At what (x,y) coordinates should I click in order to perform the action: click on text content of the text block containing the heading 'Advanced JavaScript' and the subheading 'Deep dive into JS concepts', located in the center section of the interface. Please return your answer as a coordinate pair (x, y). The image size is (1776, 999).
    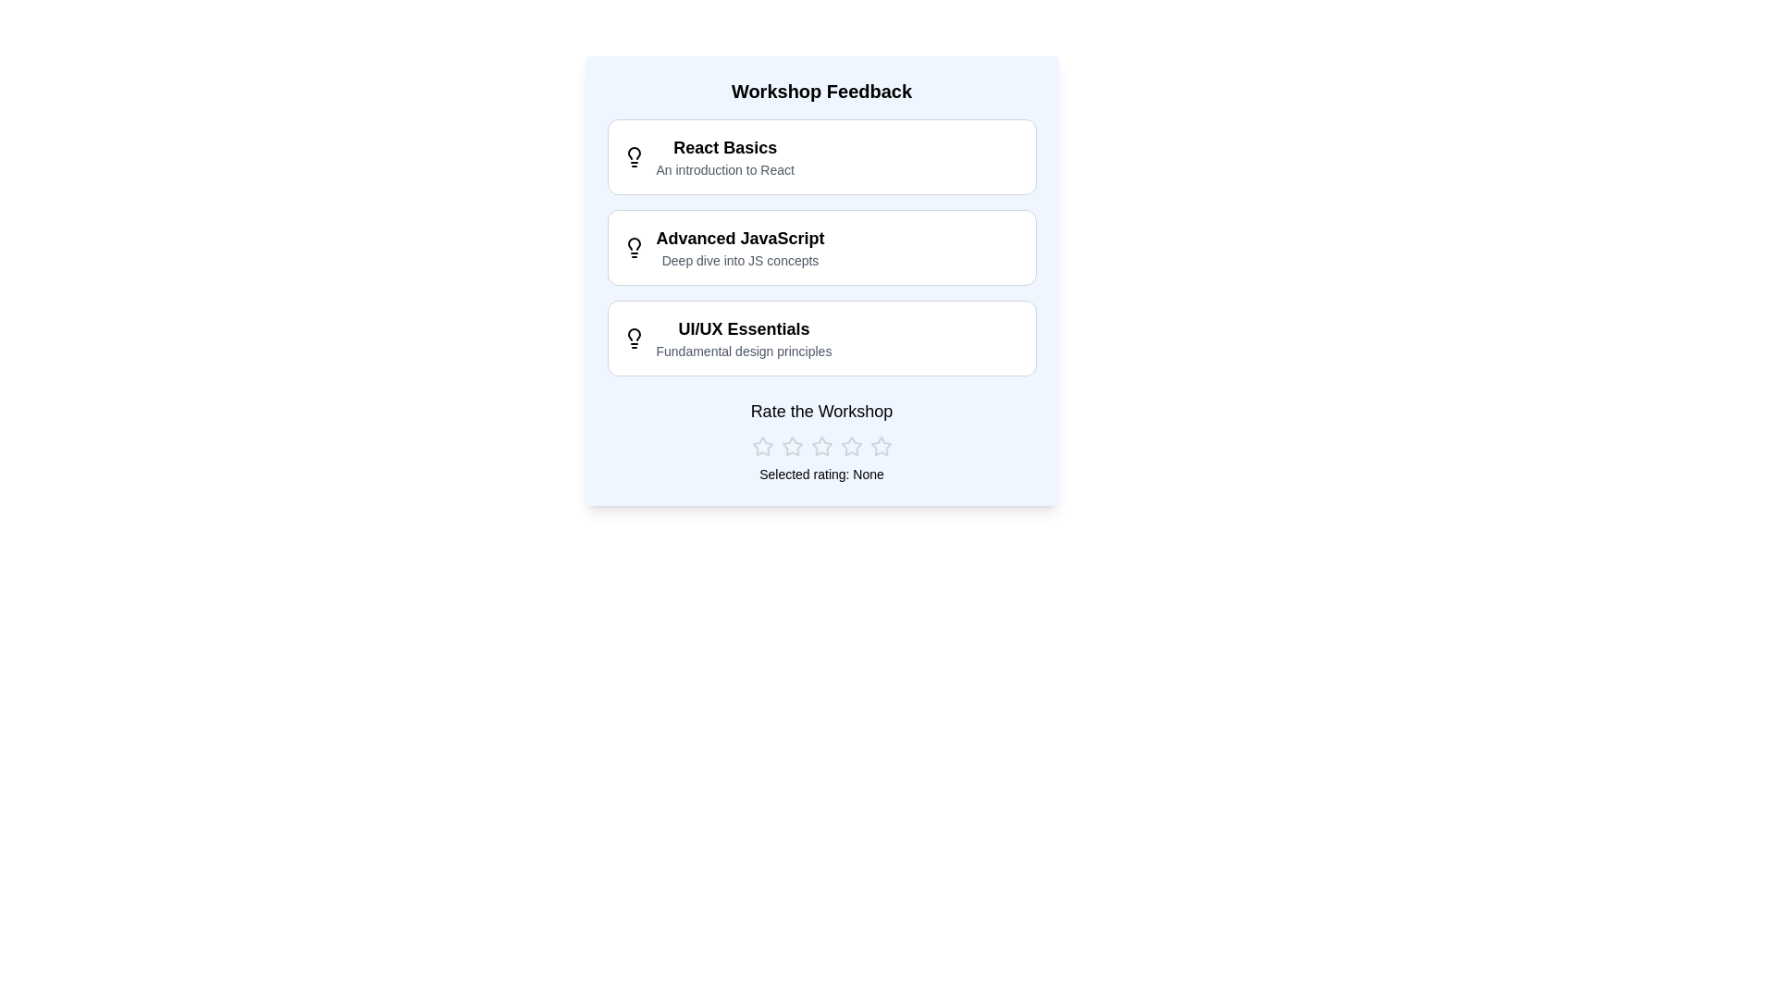
    Looking at the image, I should click on (740, 246).